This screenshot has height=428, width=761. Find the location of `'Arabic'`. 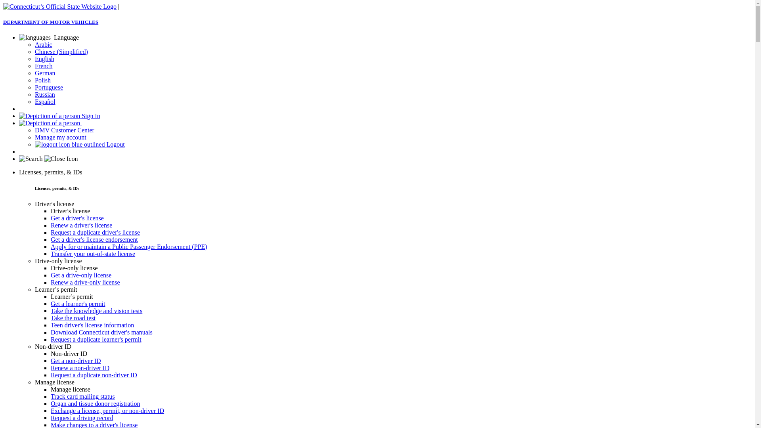

'Arabic' is located at coordinates (43, 44).